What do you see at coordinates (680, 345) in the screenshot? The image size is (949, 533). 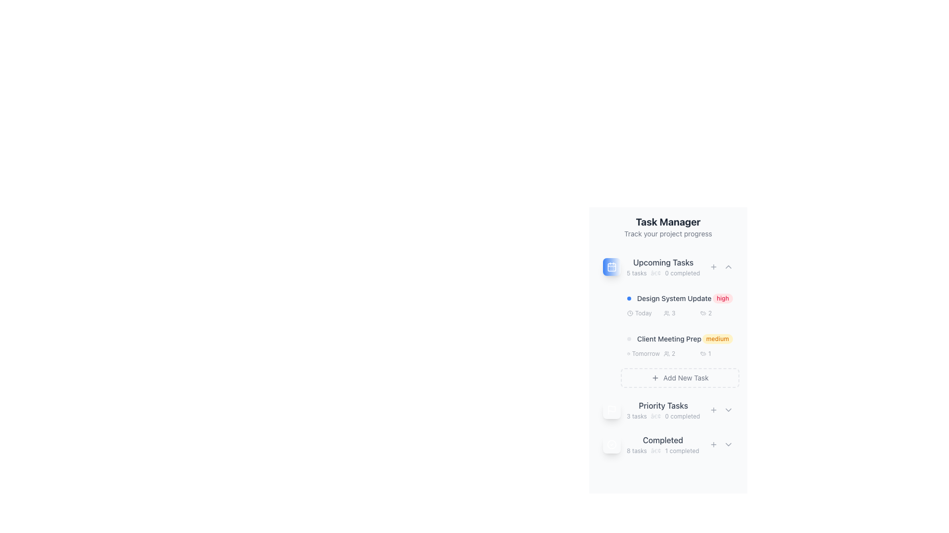 I see `the second task item in the 'Upcoming Tasks' section of the 'Task Manager' interface` at bounding box center [680, 345].